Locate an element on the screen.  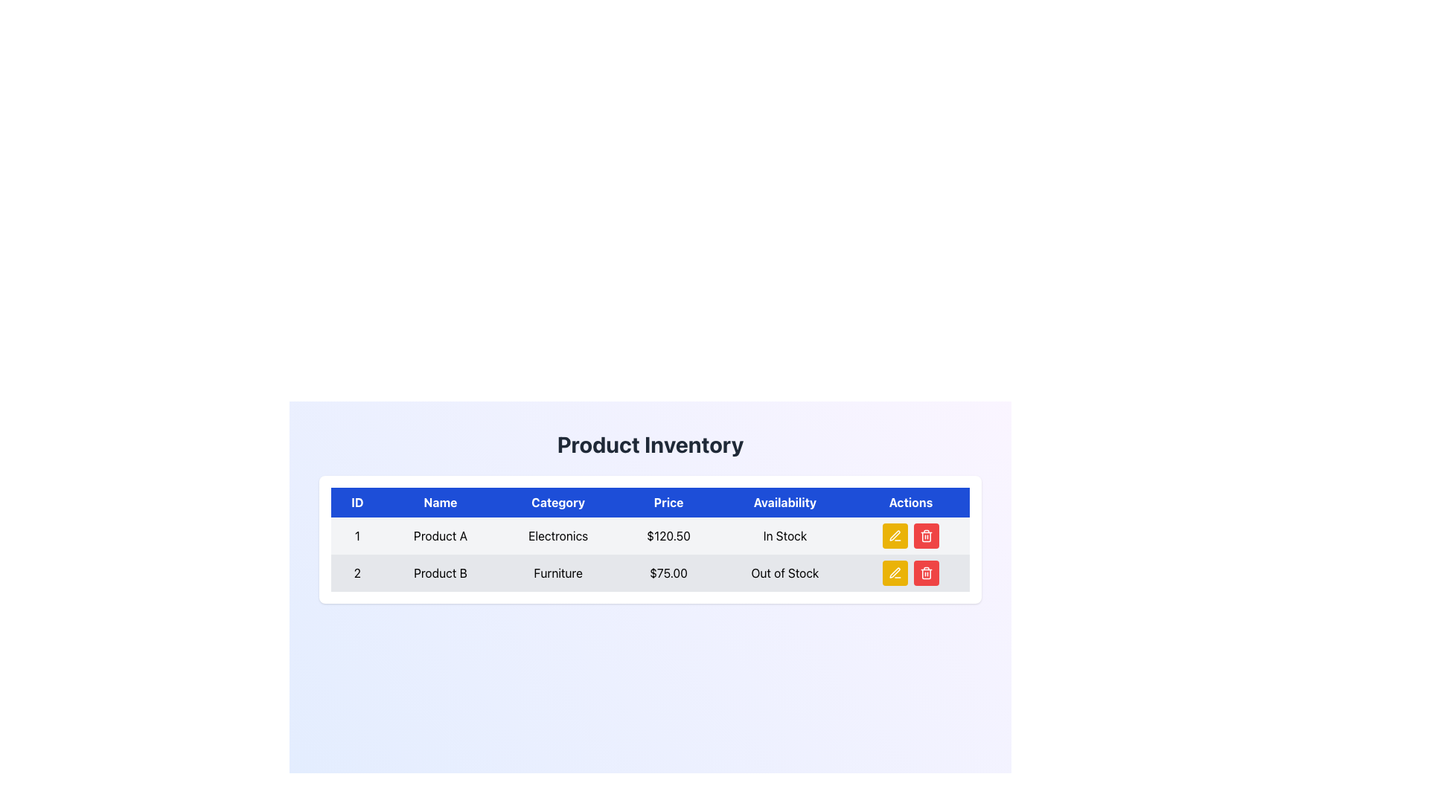
the product name label located in the second row of the inventory table under the 'Name' column is located at coordinates (439, 573).